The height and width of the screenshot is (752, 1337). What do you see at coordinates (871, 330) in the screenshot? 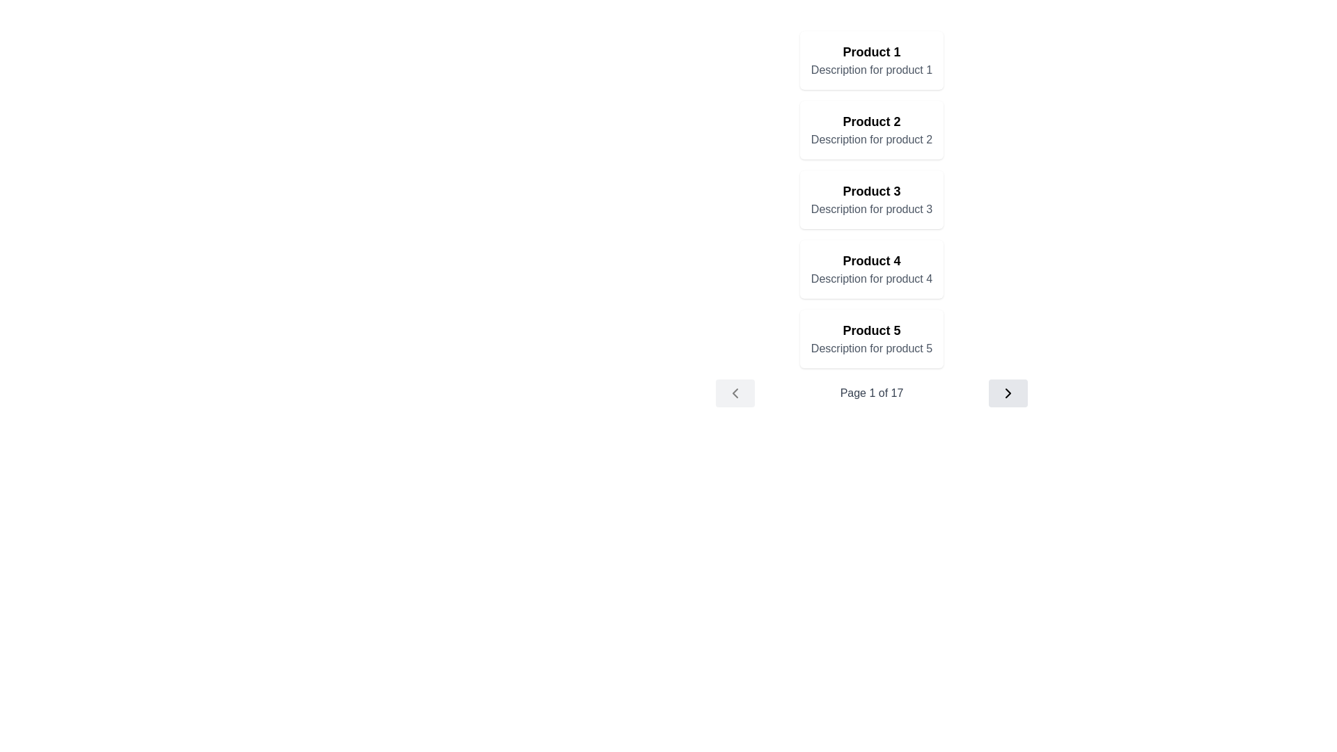
I see `the 'Product 5' text label, which is a large, bold heading above a description within the fifth product card in a vertical list` at bounding box center [871, 330].